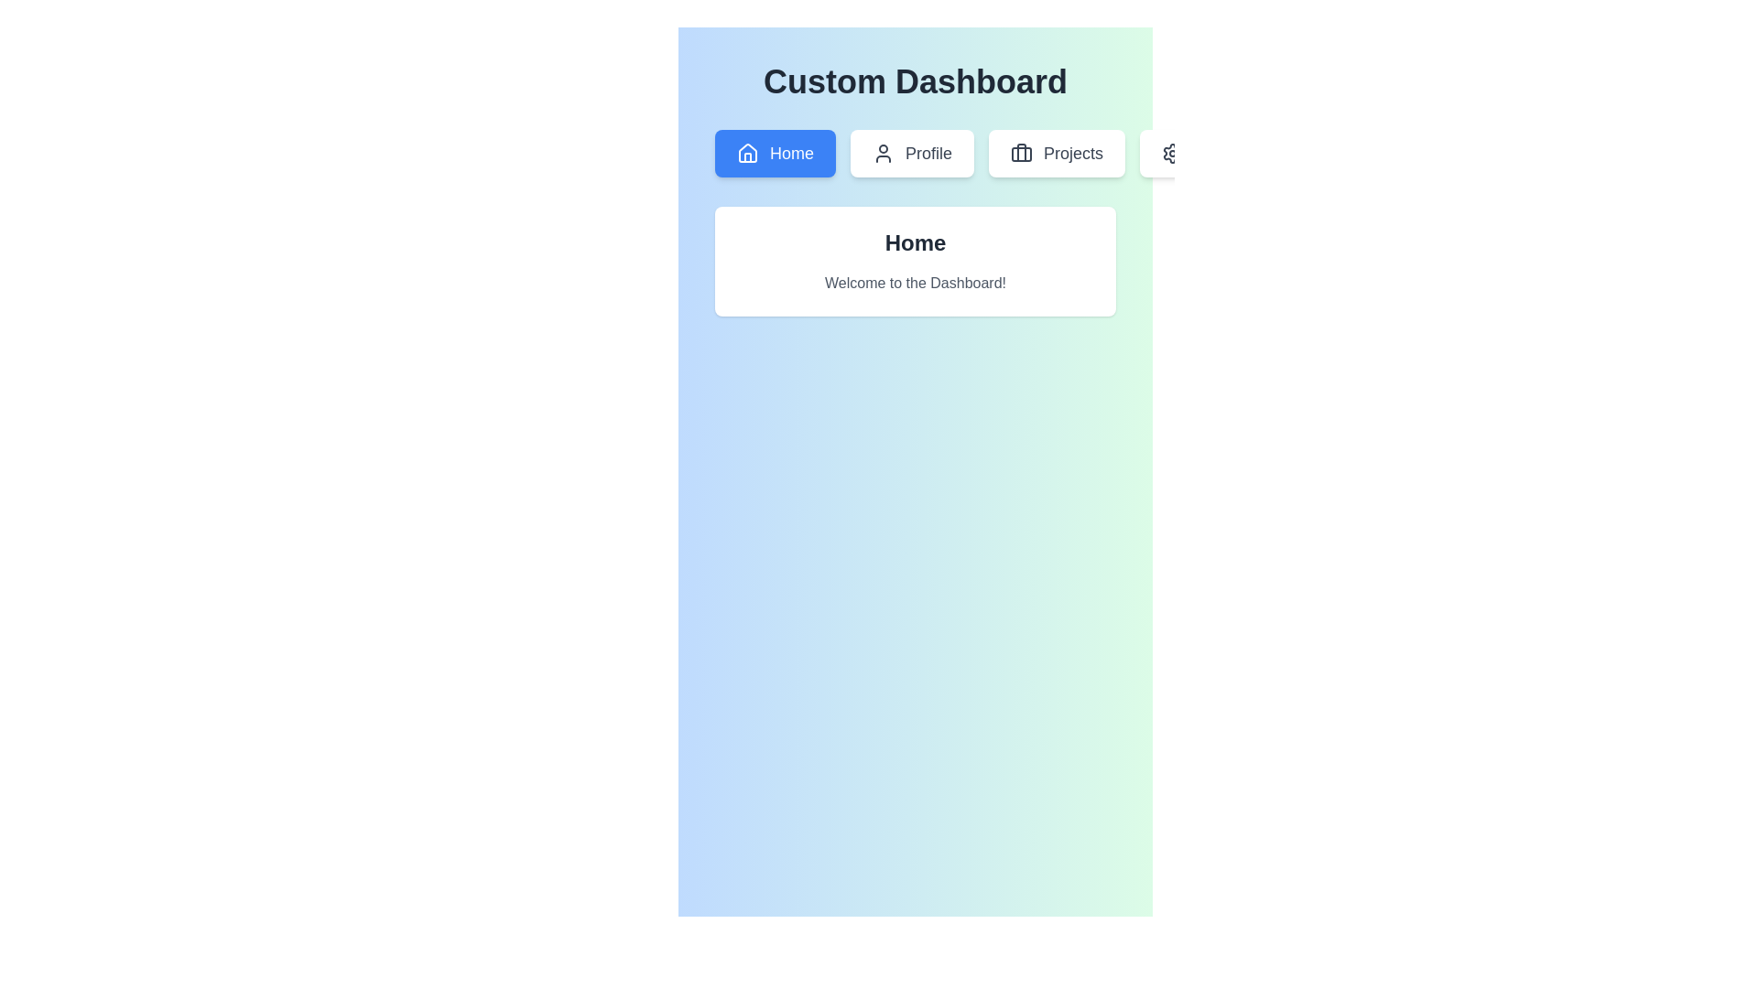 Image resolution: width=1758 pixels, height=988 pixels. Describe the element at coordinates (747, 156) in the screenshot. I see `the door of the house icon, which is part of the 'Home' button located at the top left of the interface` at that location.